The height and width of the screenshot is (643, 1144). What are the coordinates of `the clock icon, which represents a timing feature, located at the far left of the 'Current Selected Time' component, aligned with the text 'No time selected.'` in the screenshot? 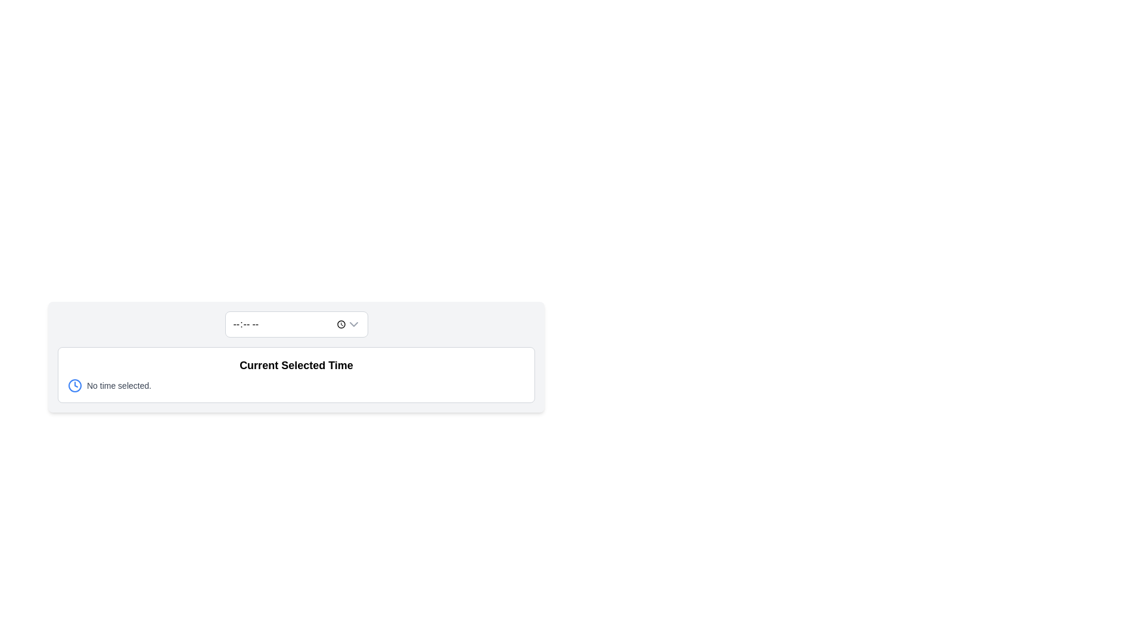 It's located at (74, 386).